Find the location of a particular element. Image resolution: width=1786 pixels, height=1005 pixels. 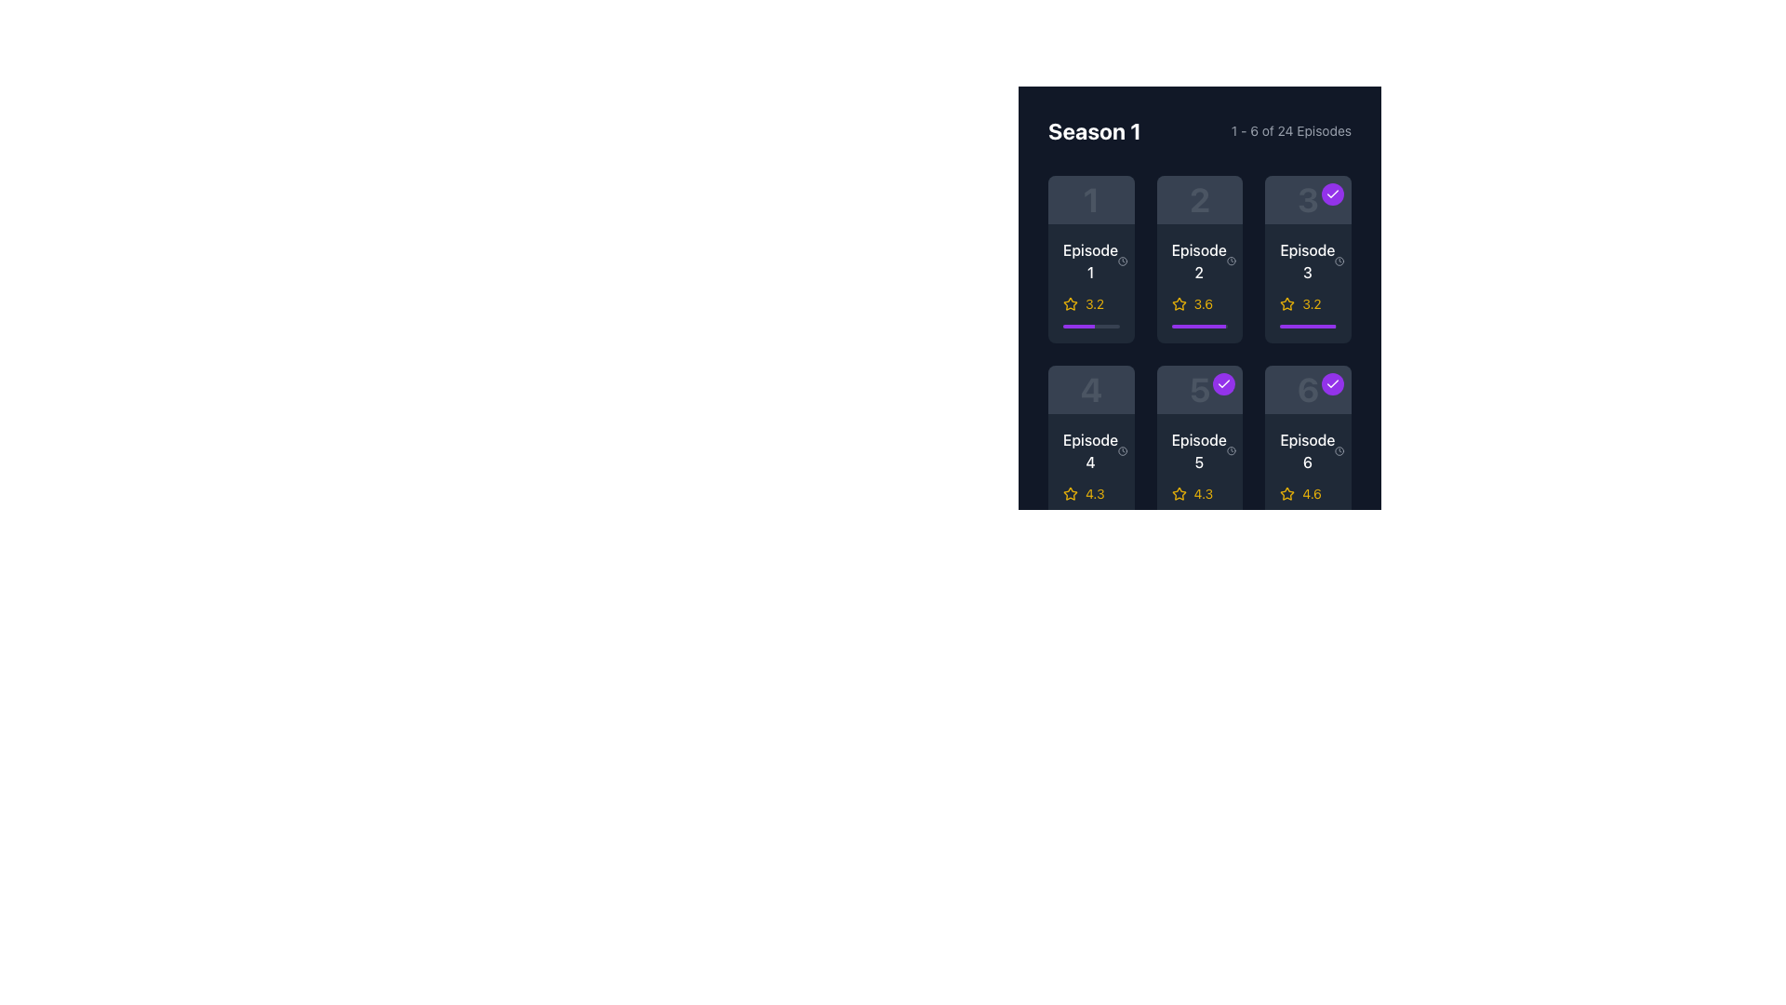

the Decorative identifier with a completion status badge located in the third column of the top row, above the tile labeled 'Episode 3' is located at coordinates (1307, 200).